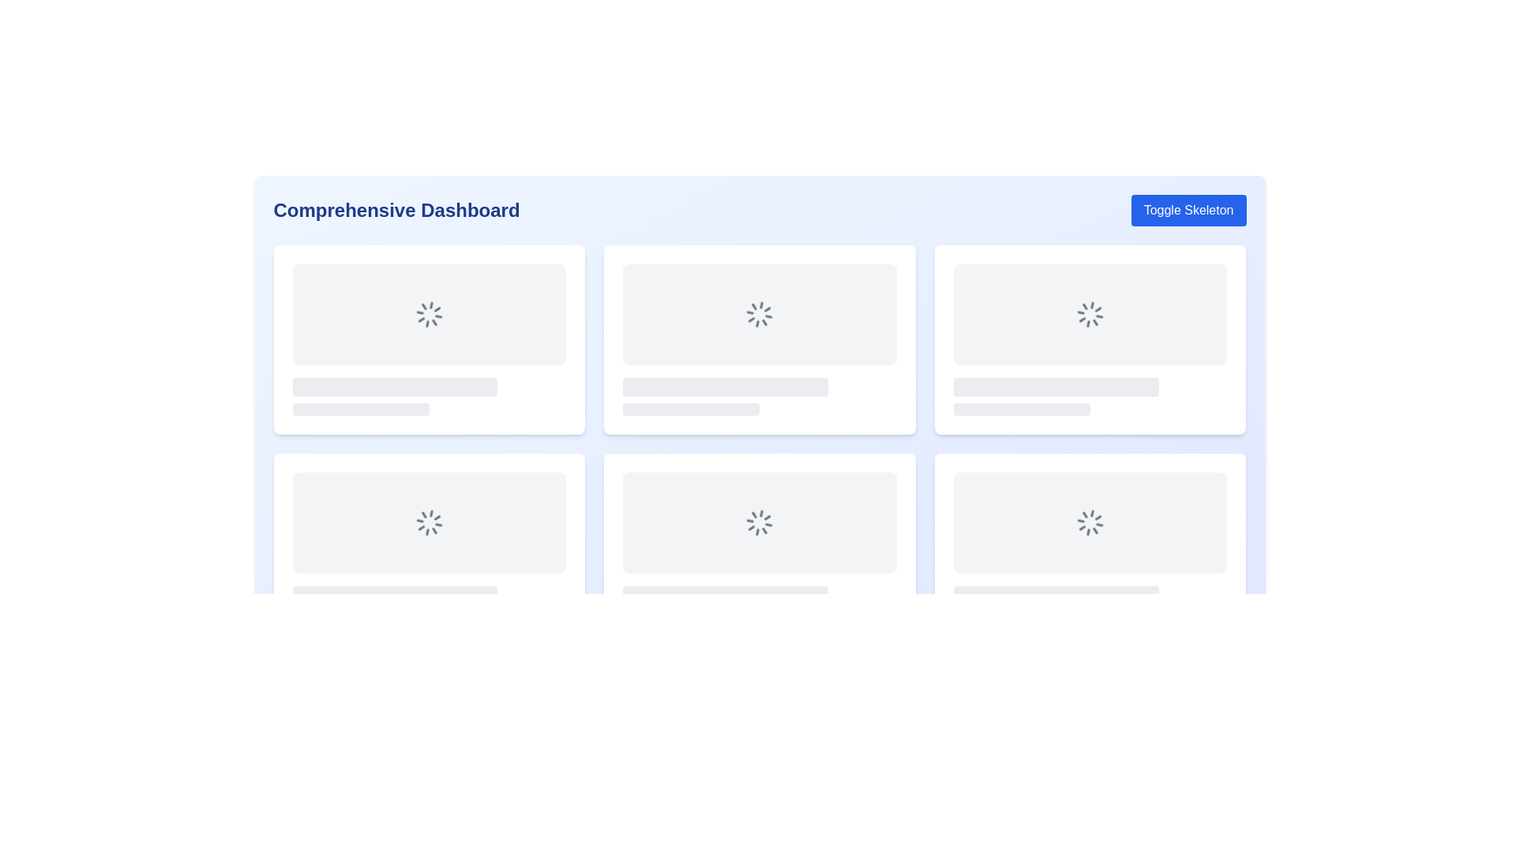  What do you see at coordinates (429, 523) in the screenshot?
I see `the Loader icon located in the first column of the second row within a grid layout, indicating that a content loading or processing operation is in progress` at bounding box center [429, 523].